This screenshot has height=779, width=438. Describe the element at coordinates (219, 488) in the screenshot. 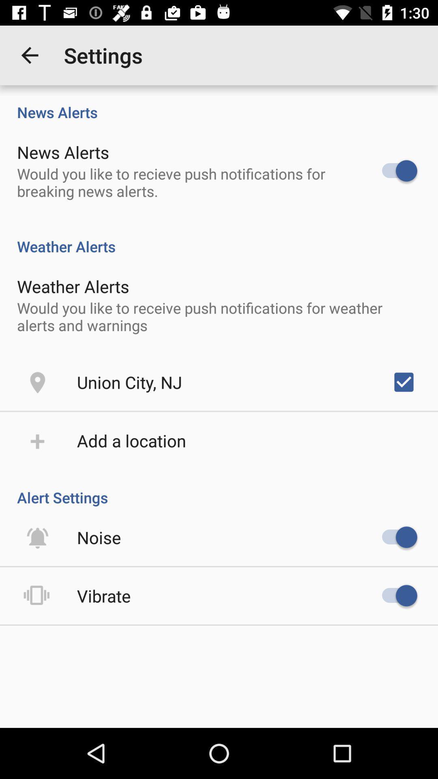

I see `alert settings` at that location.